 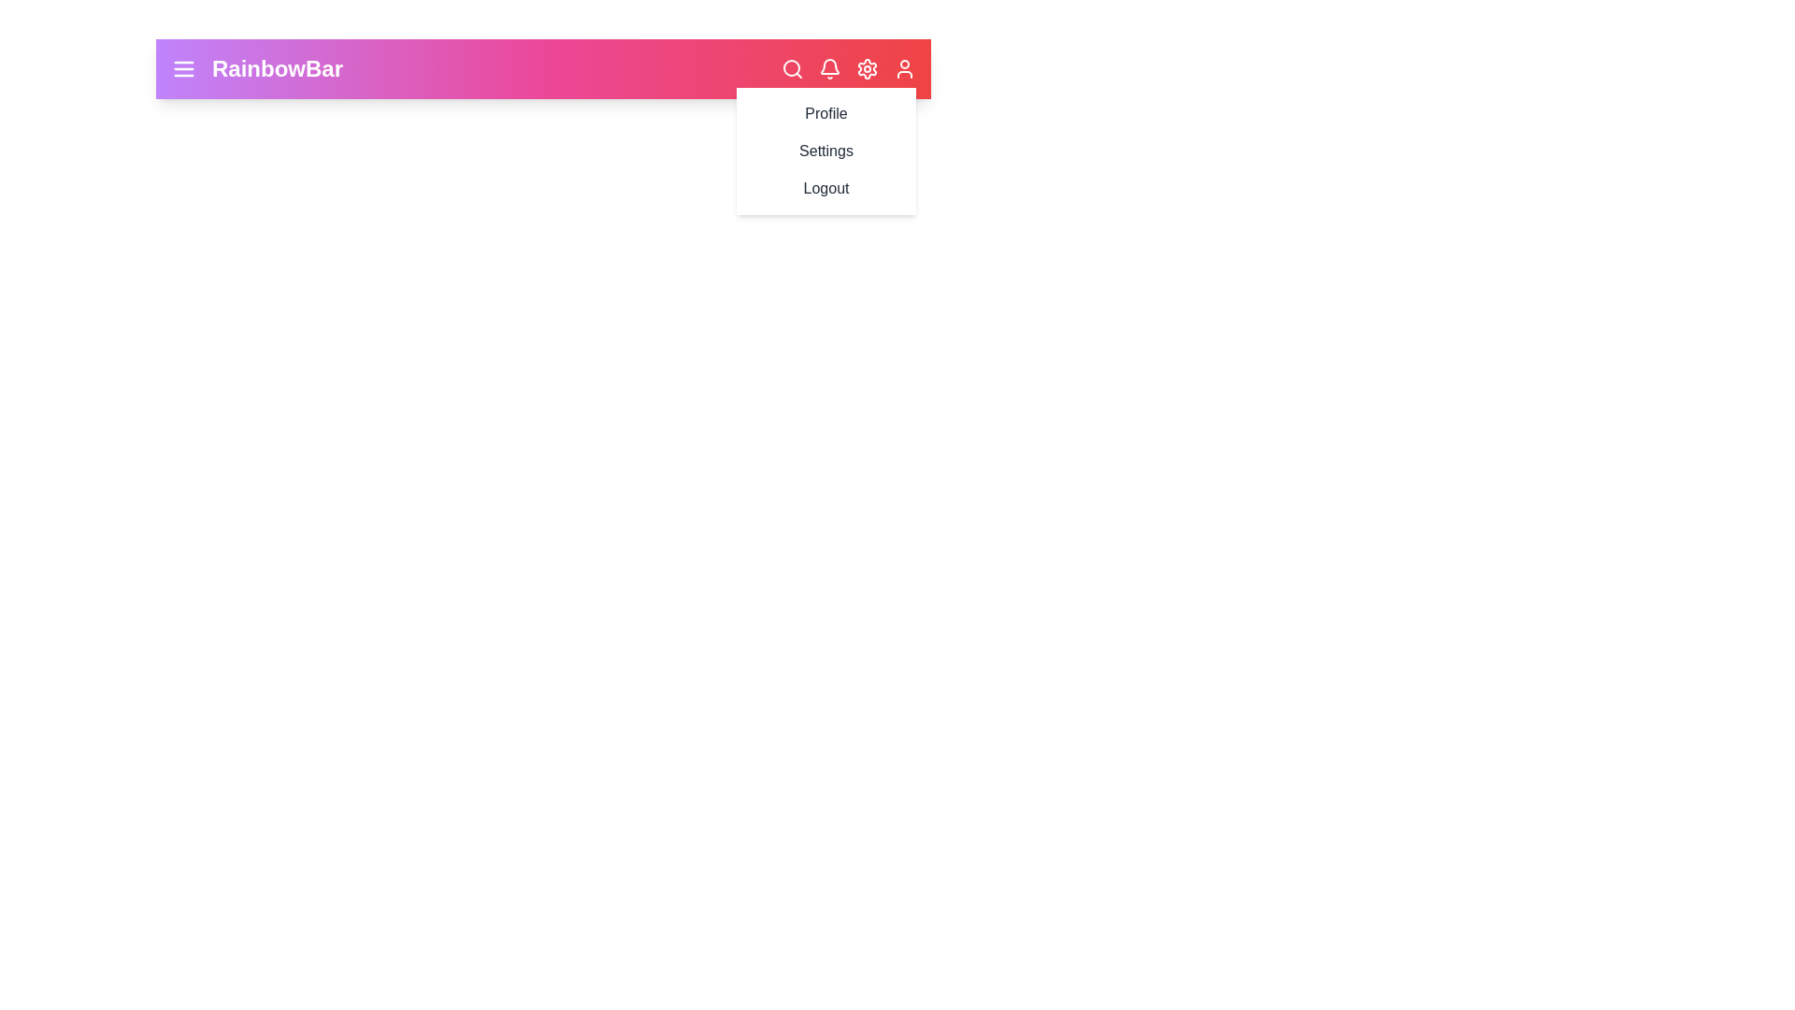 I want to click on the 'Profile' option in the dropdown menu, so click(x=825, y=114).